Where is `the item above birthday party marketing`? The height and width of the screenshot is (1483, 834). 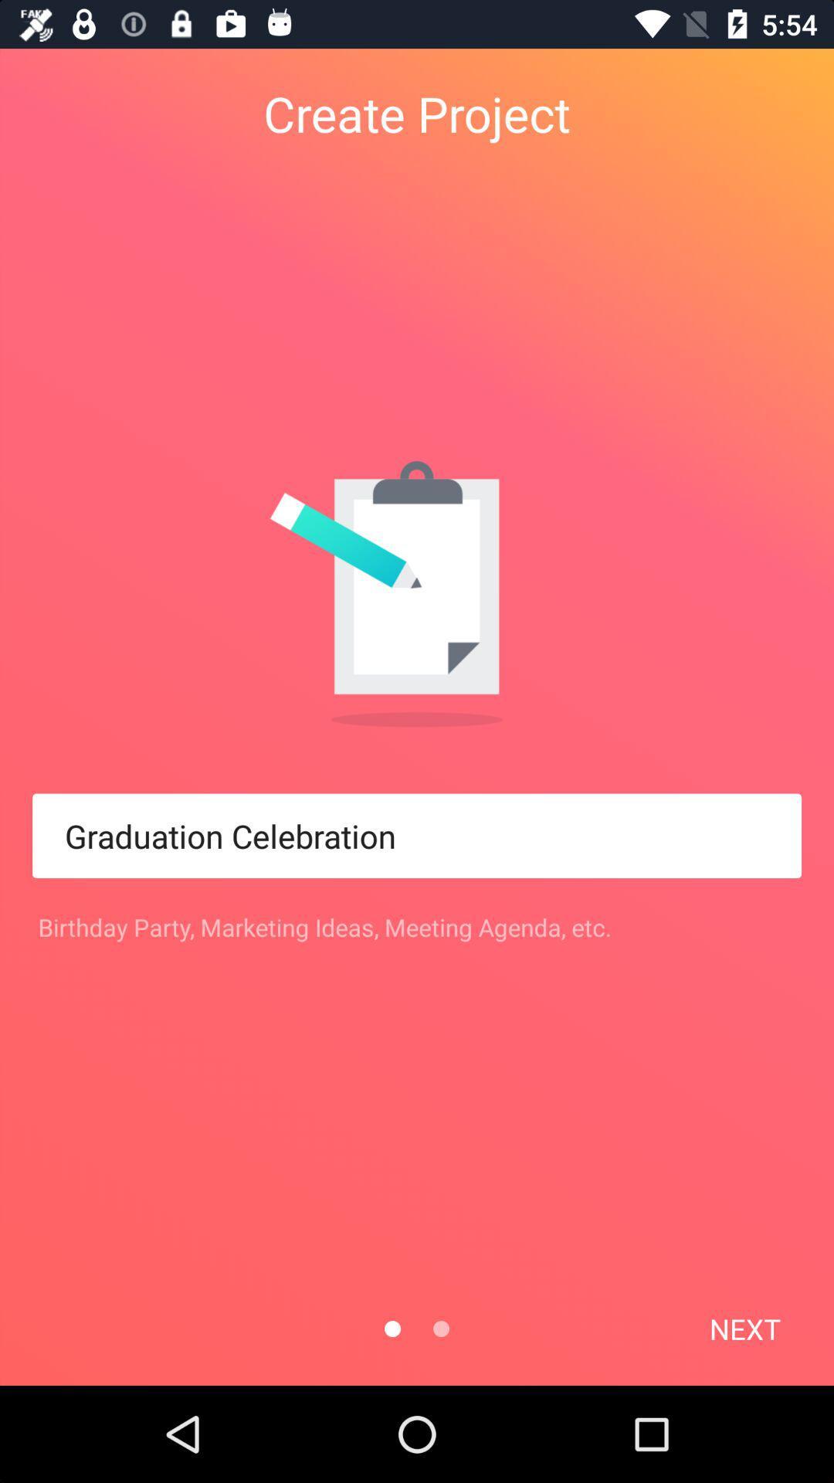
the item above birthday party marketing is located at coordinates (417, 835).